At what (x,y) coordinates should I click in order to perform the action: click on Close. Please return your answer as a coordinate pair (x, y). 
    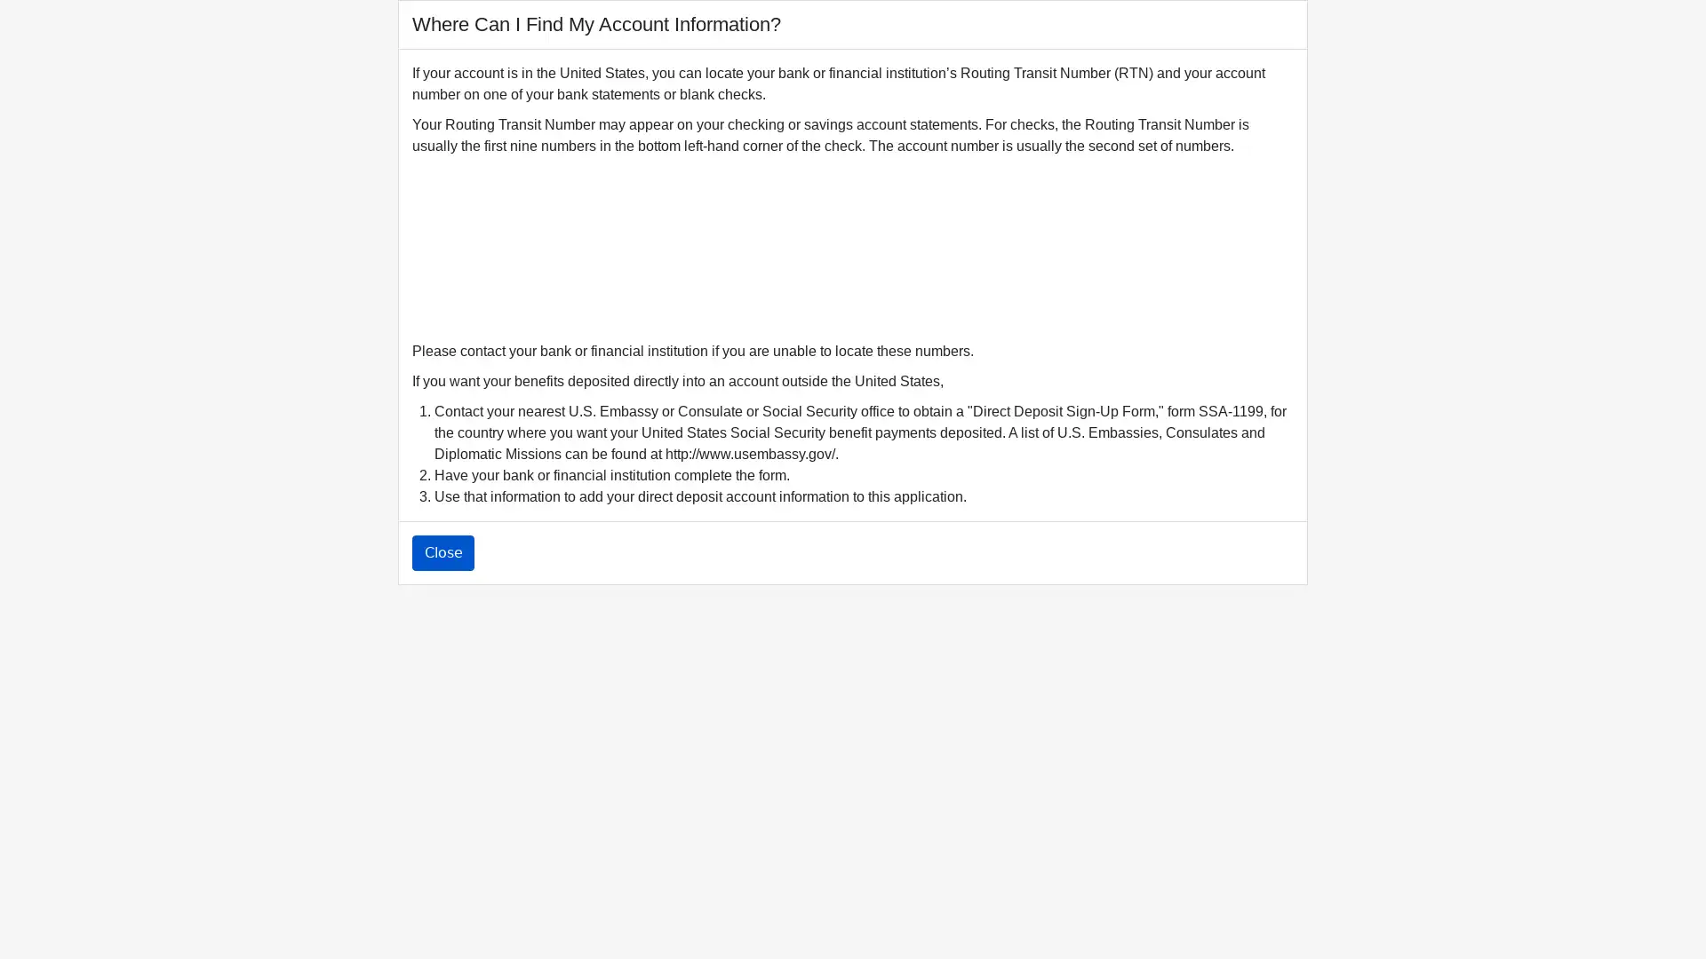
    Looking at the image, I should click on (443, 552).